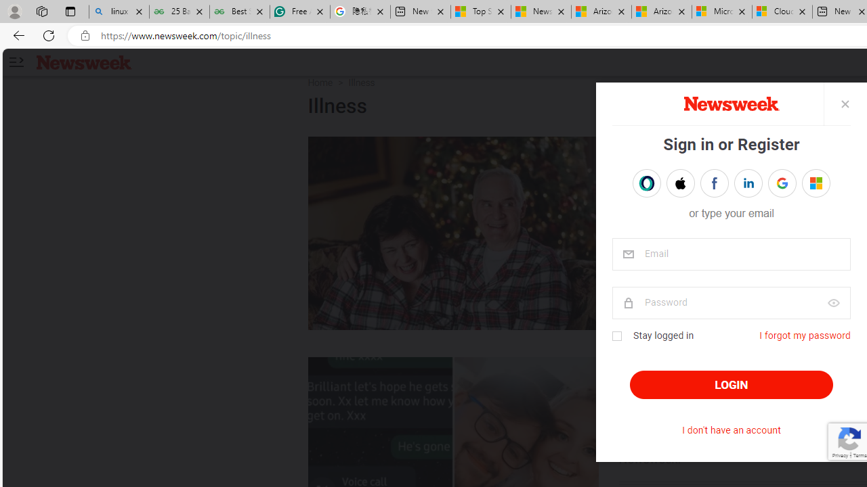  Describe the element at coordinates (782, 11) in the screenshot. I see `'Cloud Computing Services | Microsoft Azure'` at that location.